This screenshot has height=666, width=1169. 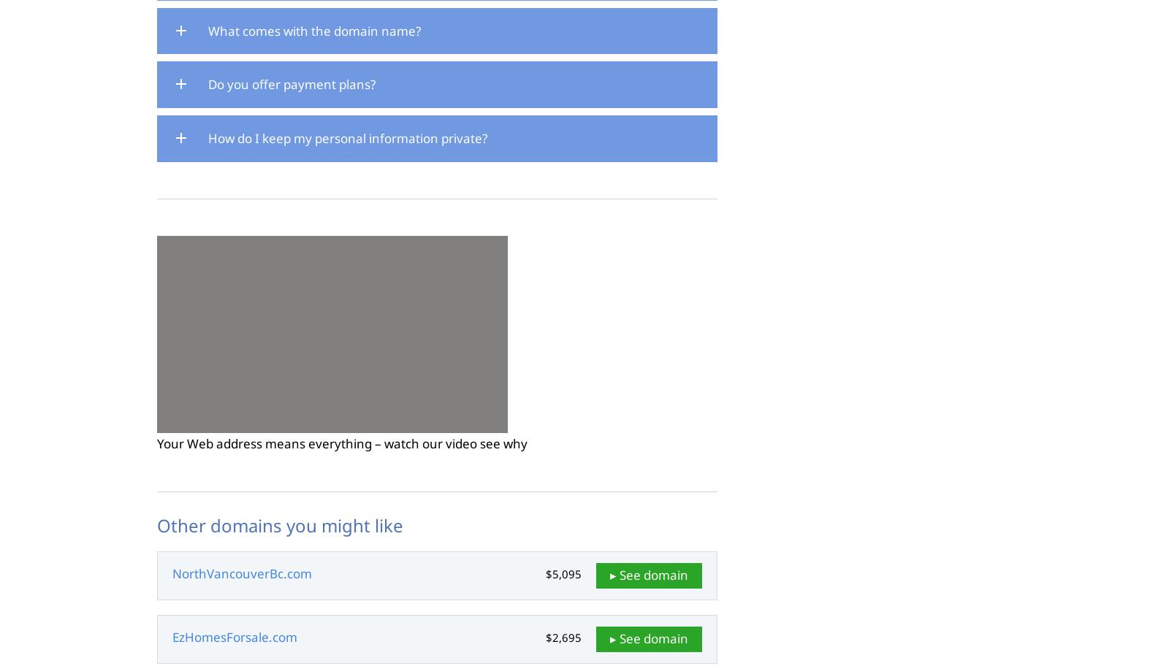 I want to click on 'NorthVancouverBc.com', so click(x=242, y=573).